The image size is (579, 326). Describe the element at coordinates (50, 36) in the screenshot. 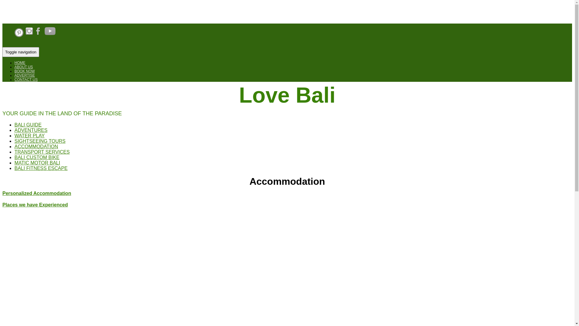

I see `'Open Youtube'` at that location.